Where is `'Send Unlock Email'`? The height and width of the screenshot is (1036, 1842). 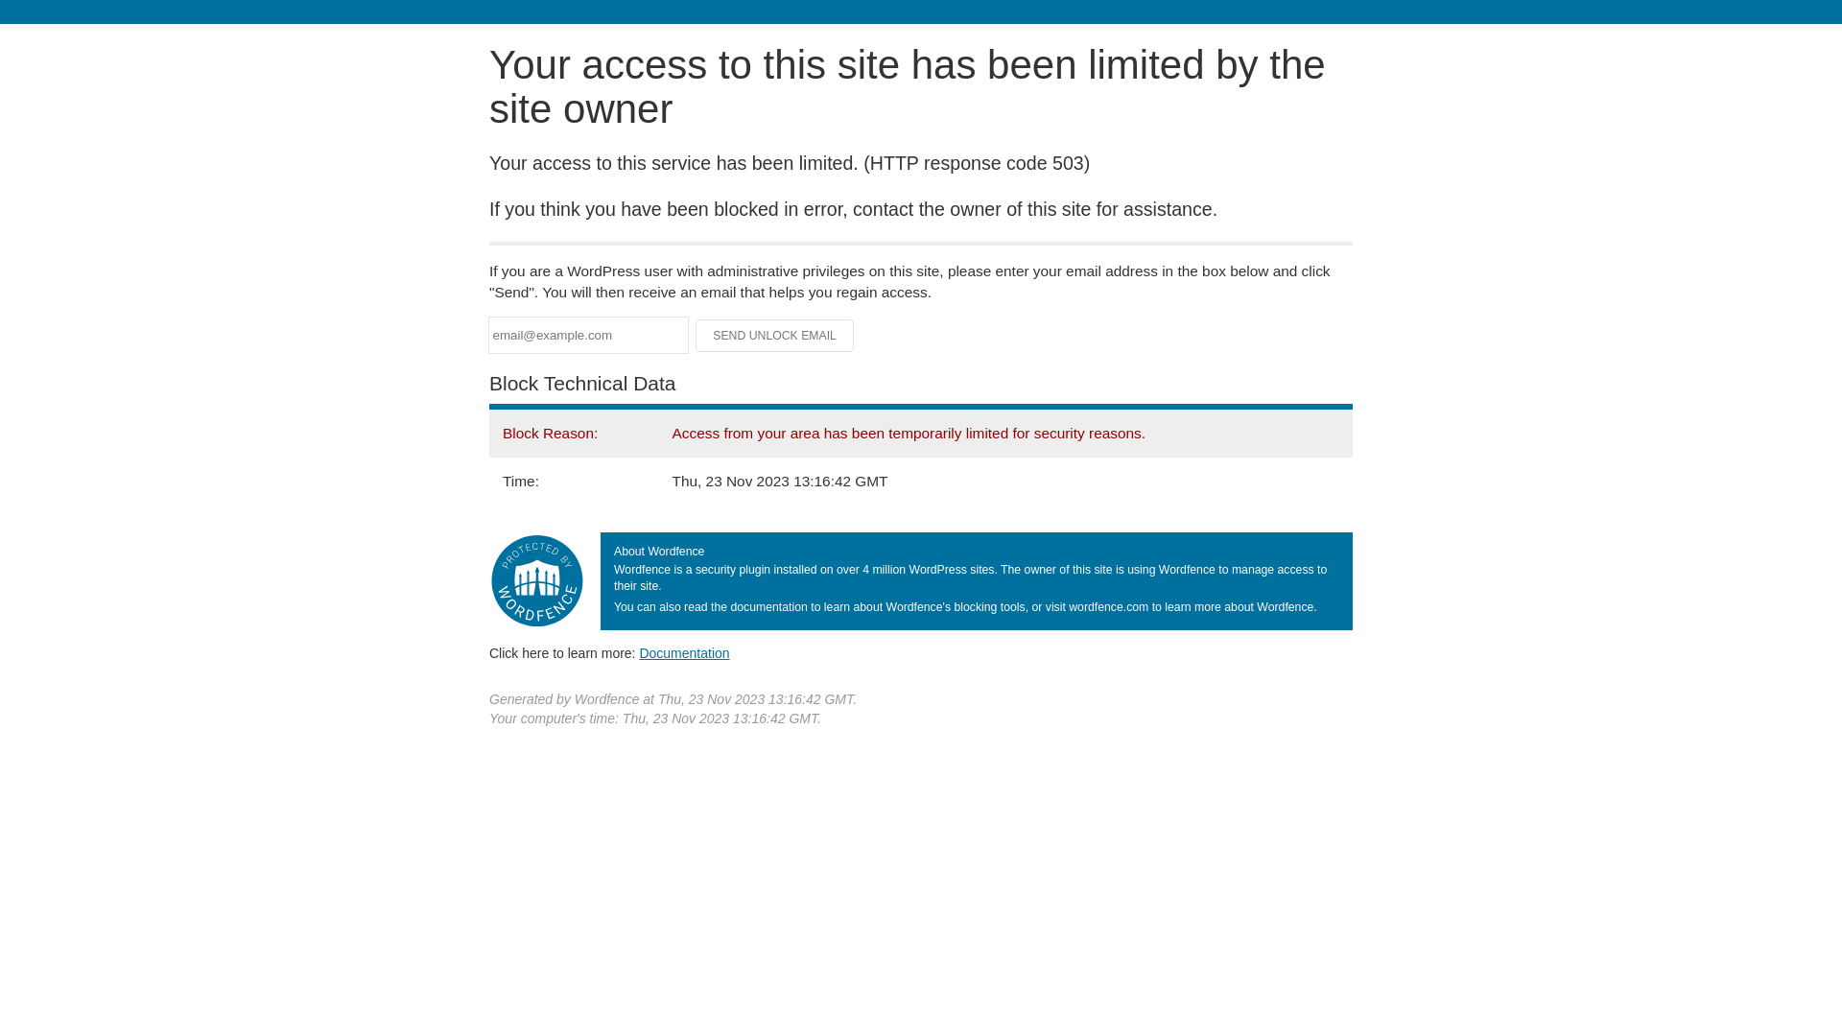 'Send Unlock Email' is located at coordinates (694, 335).